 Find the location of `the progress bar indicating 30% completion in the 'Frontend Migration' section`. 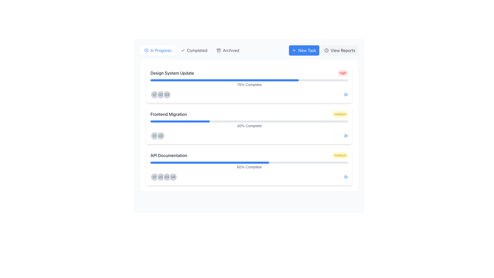

the progress bar indicating 30% completion in the 'Frontend Migration' section is located at coordinates (249, 121).